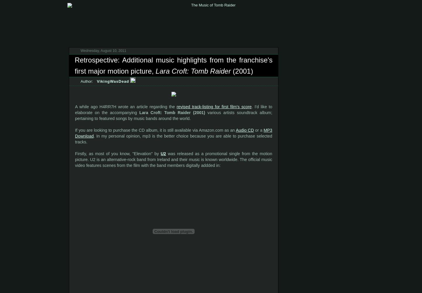 The width and height of the screenshot is (422, 293). What do you see at coordinates (75, 110) in the screenshot?
I see `'. I'd like to elaborate on the accompanying'` at bounding box center [75, 110].